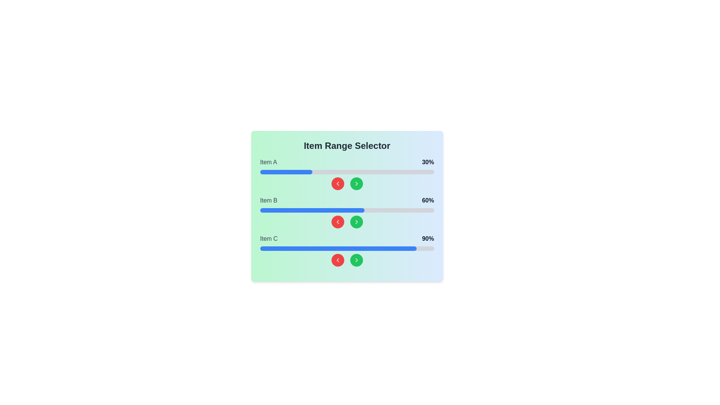 This screenshot has width=720, height=405. What do you see at coordinates (428, 200) in the screenshot?
I see `the text display that shows the current percentage value associated with 'Item B', which is the second value indicator in the 'Item Range Selector' interface, positioned to the far right of the row labeled 'Item B'` at bounding box center [428, 200].